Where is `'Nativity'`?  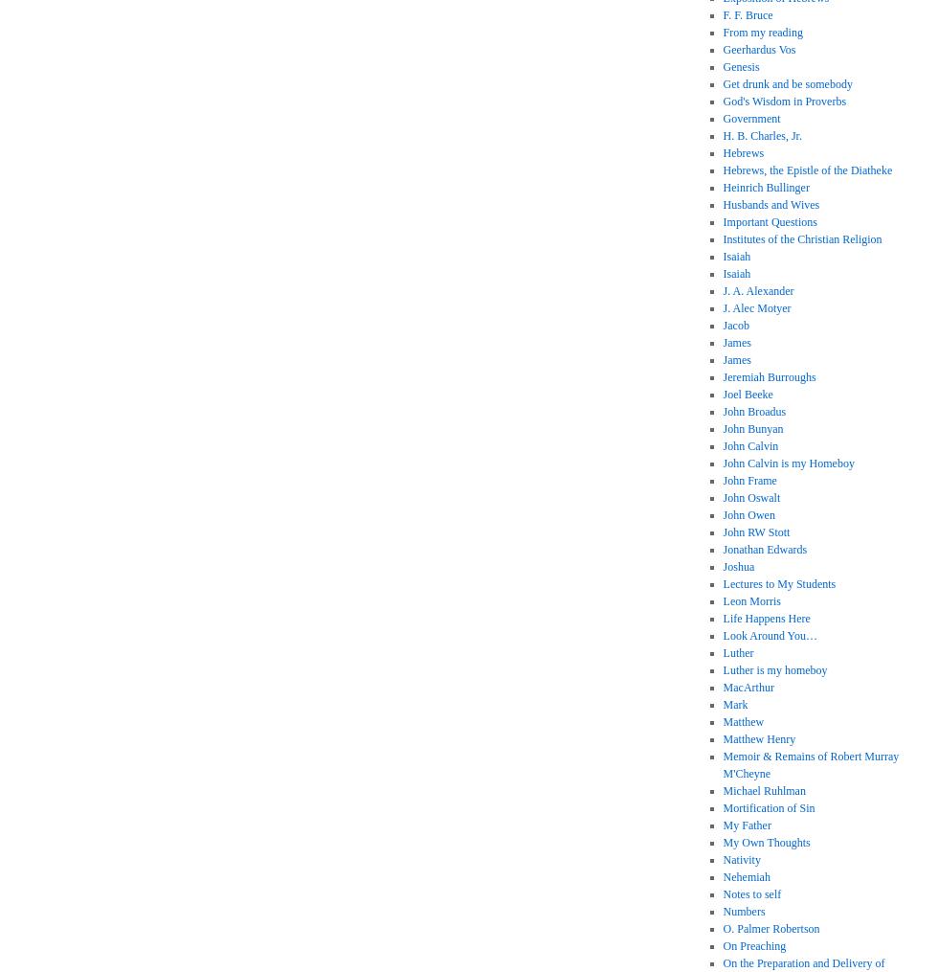
'Nativity' is located at coordinates (741, 858).